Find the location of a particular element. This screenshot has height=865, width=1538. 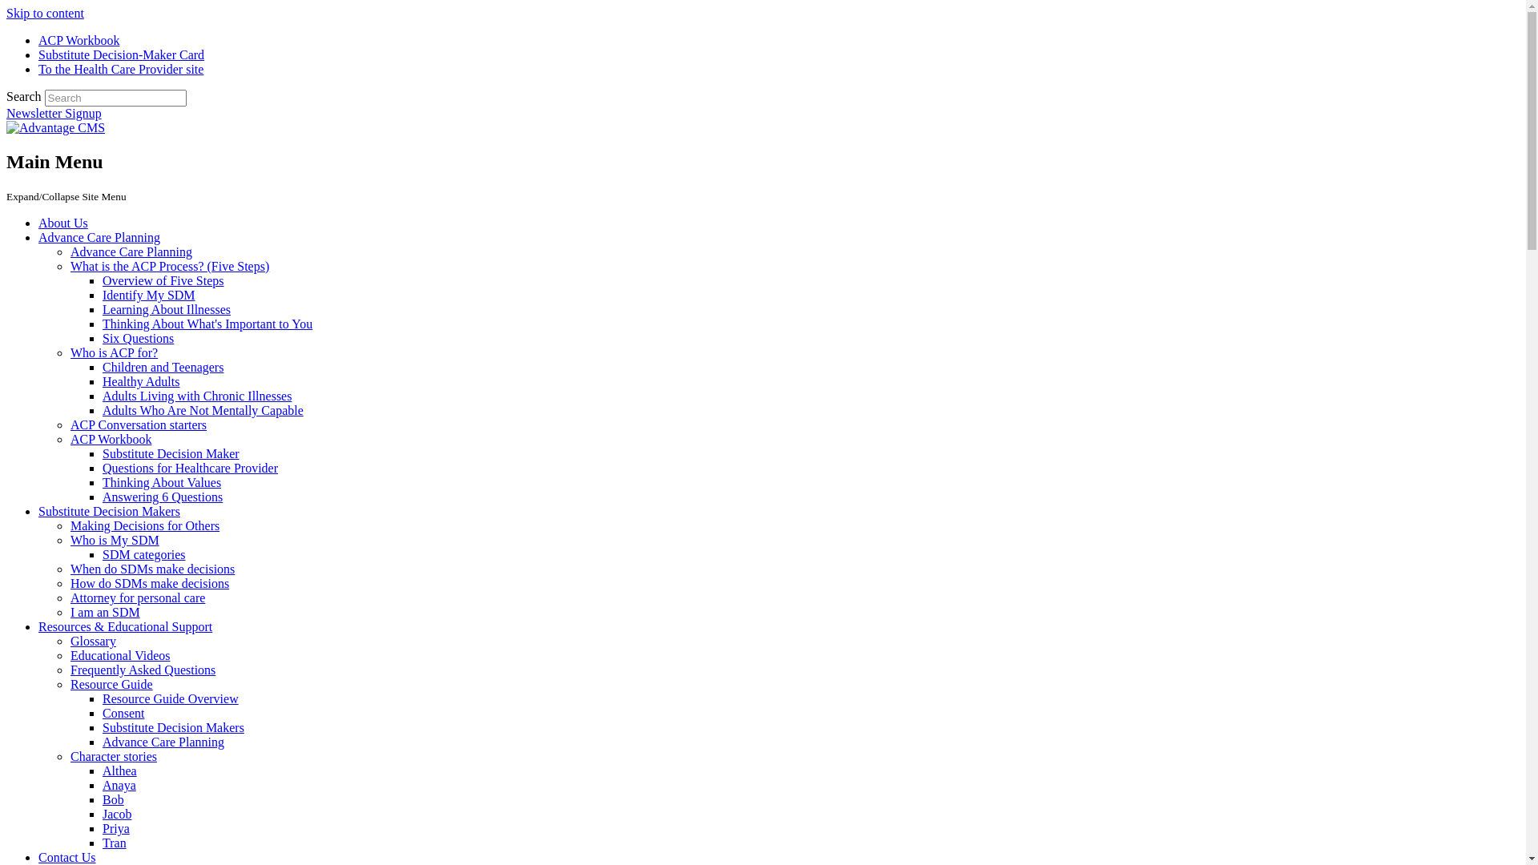

'Skip to content' is located at coordinates (45, 13).